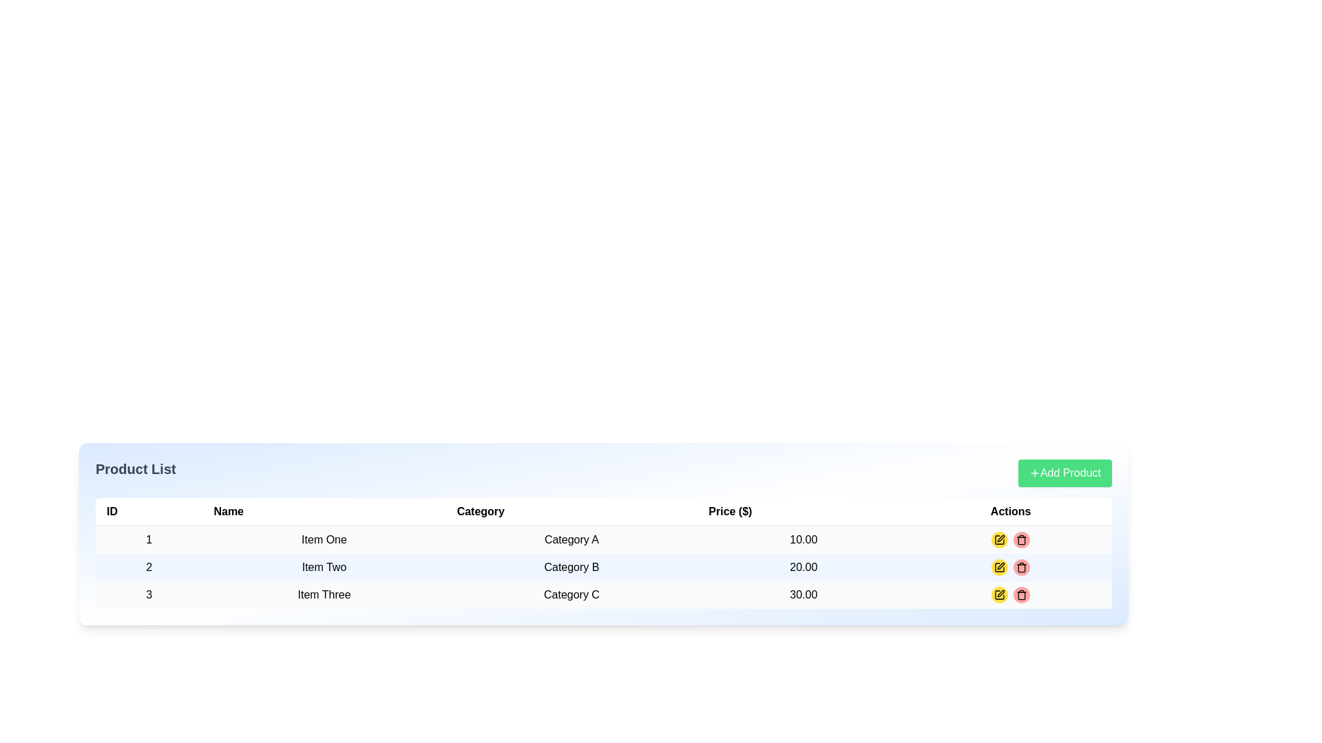 The height and width of the screenshot is (743, 1322). Describe the element at coordinates (1011, 512) in the screenshot. I see `the 'Actions' column header in the table, which is located at the far right of the header row, adjacent to 'Price ($)', 'Category', 'Name', and 'ID'` at that location.